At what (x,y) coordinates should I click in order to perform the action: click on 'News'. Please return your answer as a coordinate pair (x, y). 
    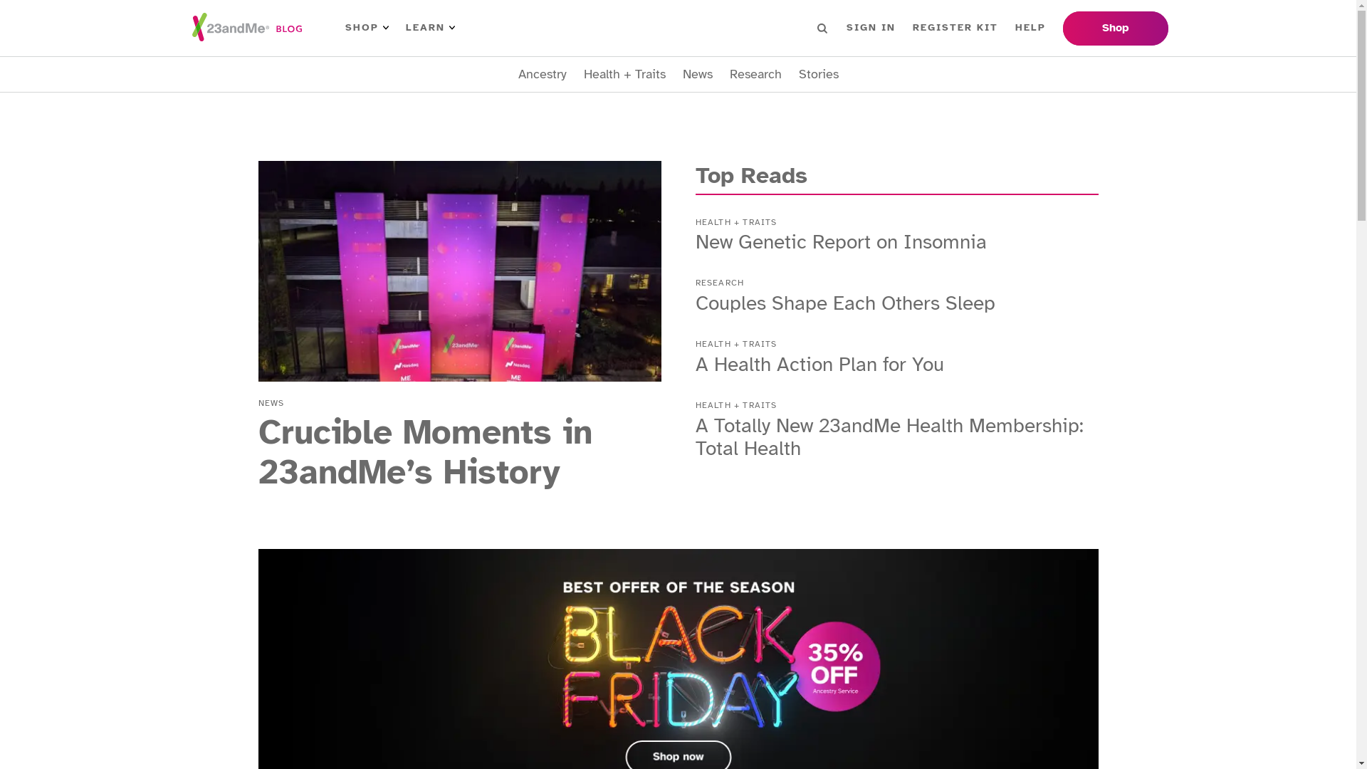
    Looking at the image, I should click on (697, 74).